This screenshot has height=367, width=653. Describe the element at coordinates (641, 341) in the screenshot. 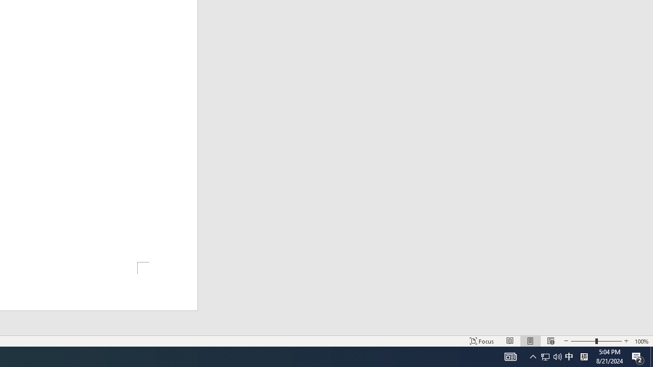

I see `'Zoom 100%'` at that location.